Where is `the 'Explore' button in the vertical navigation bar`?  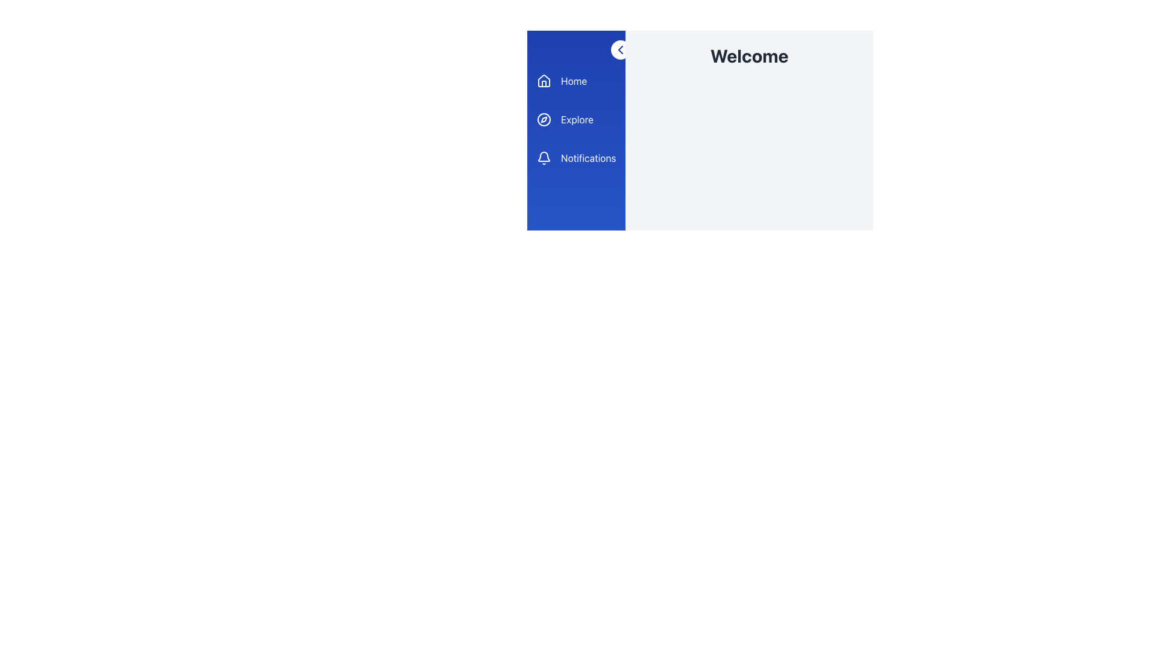
the 'Explore' button in the vertical navigation bar is located at coordinates (564, 120).